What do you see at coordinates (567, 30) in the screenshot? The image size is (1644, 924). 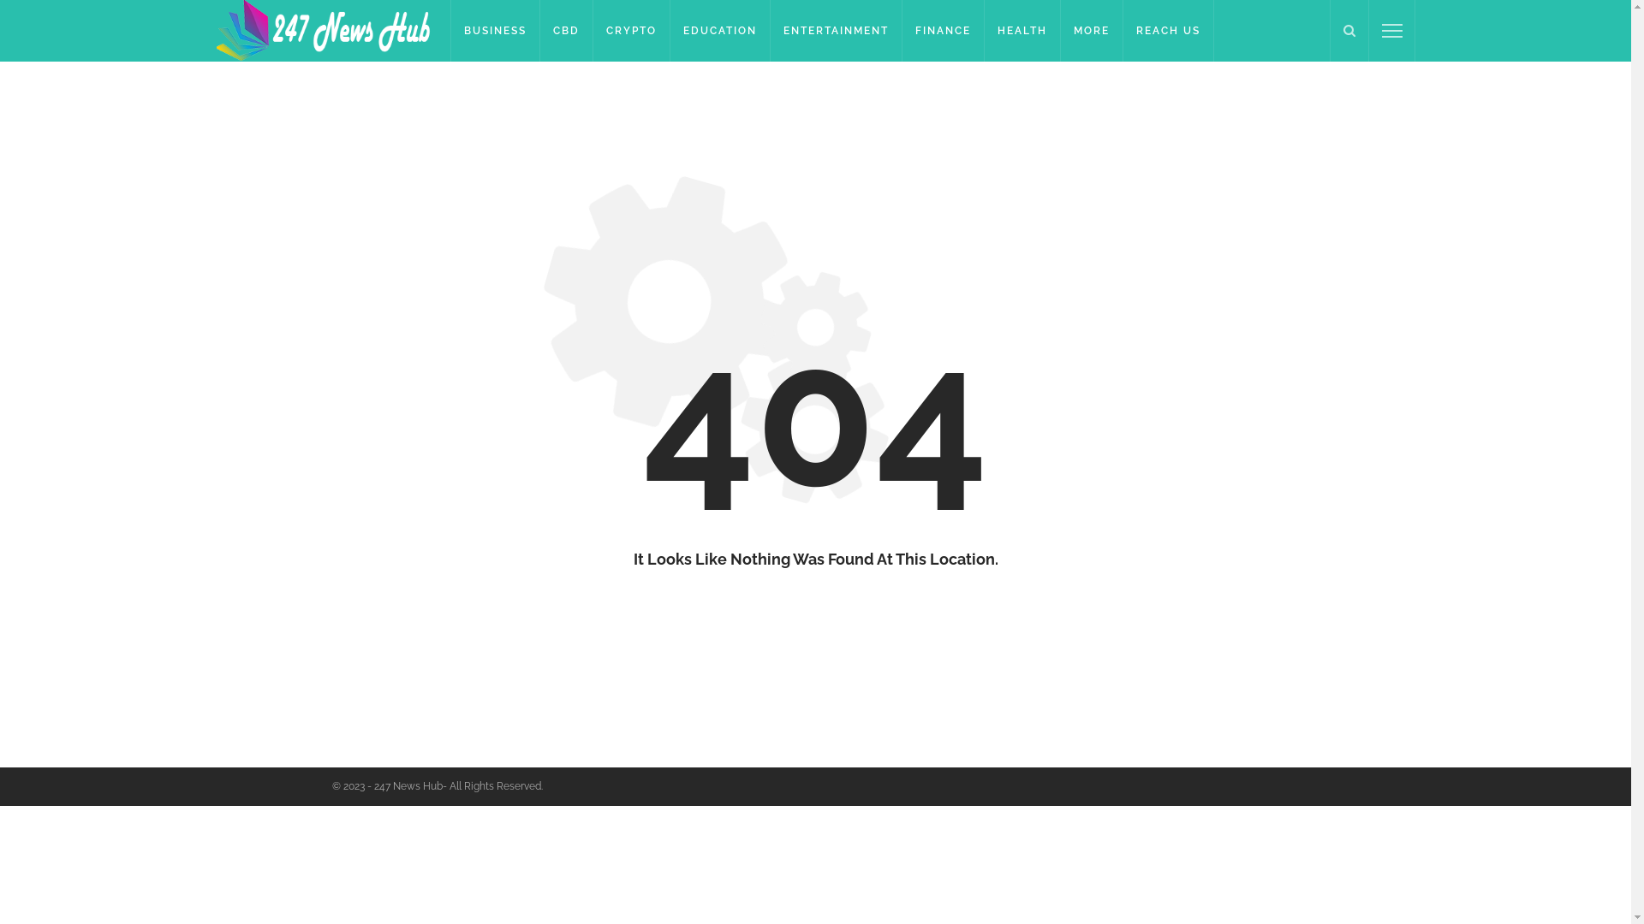 I see `'CBD'` at bounding box center [567, 30].